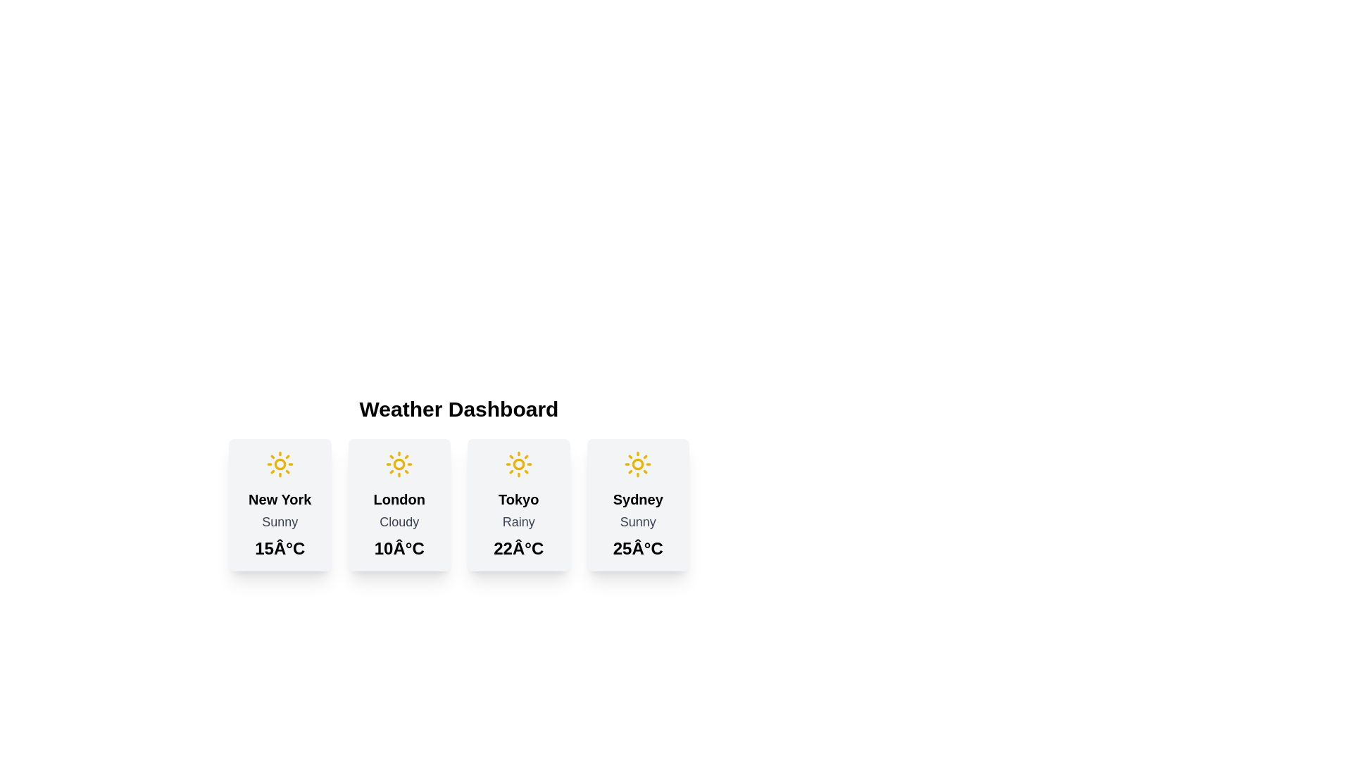 This screenshot has width=1352, height=760. What do you see at coordinates (399, 498) in the screenshot?
I see `the text label displaying 'London'` at bounding box center [399, 498].